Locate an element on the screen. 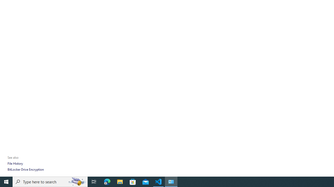  'BitLocker Drive Encryption' is located at coordinates (25, 169).